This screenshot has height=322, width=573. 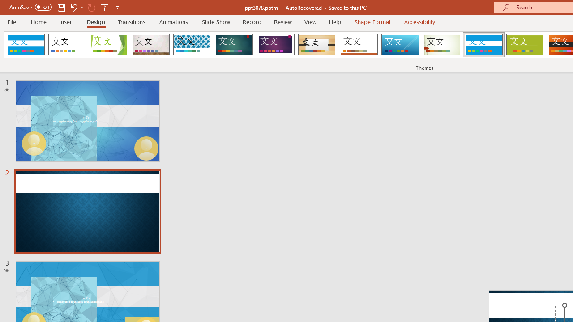 What do you see at coordinates (108, 45) in the screenshot?
I see `'Facet'` at bounding box center [108, 45].